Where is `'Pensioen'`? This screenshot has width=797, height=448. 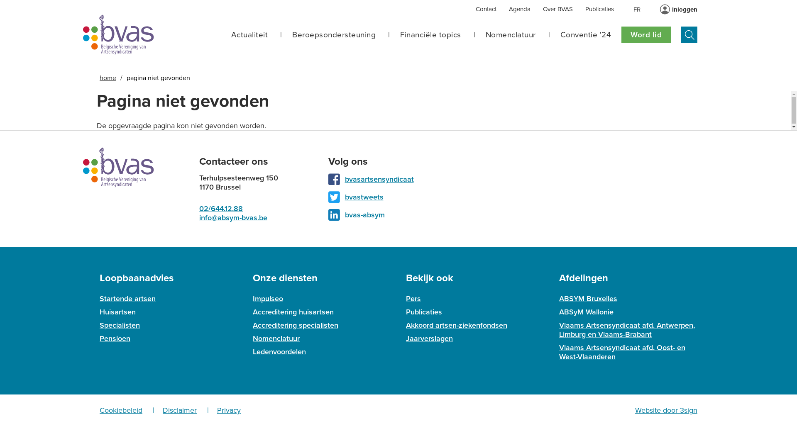
'Pensioen' is located at coordinates (115, 338).